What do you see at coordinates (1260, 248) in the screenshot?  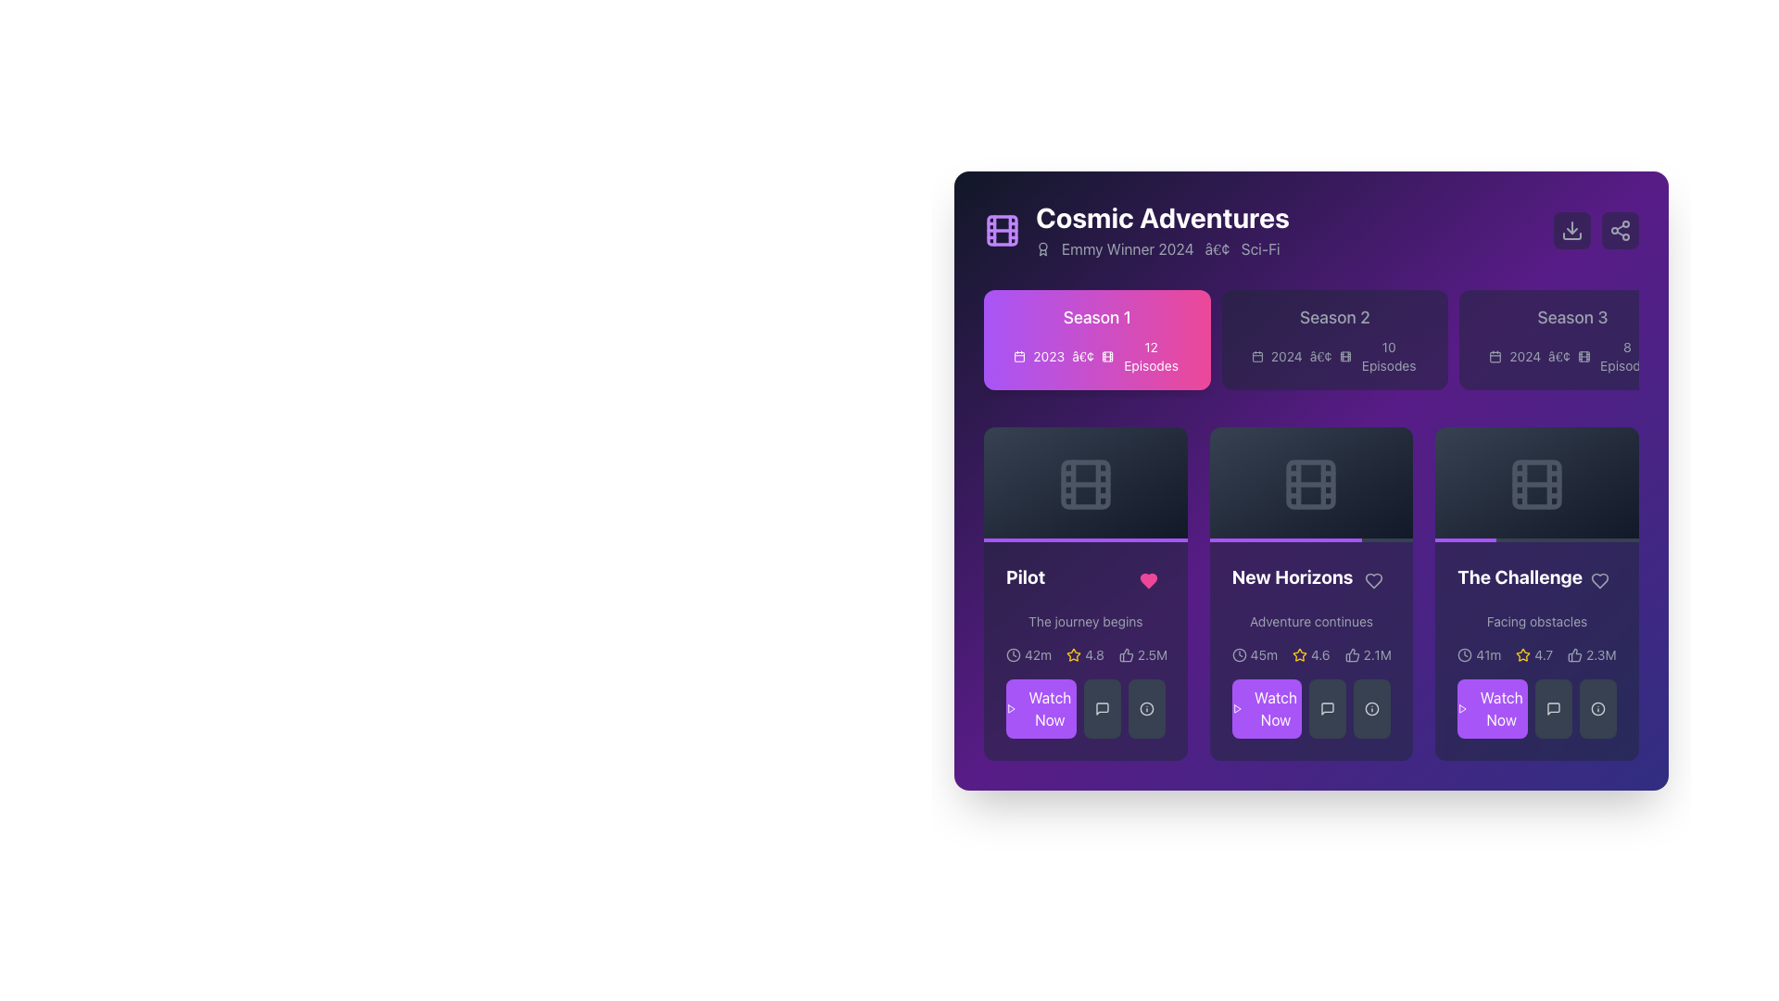 I see `genre information from the text label displaying 'Sci-Fi' in light gray font on a purple background, positioned to the far right after 'Emmy Winner 2024' and a dot symbol` at bounding box center [1260, 248].